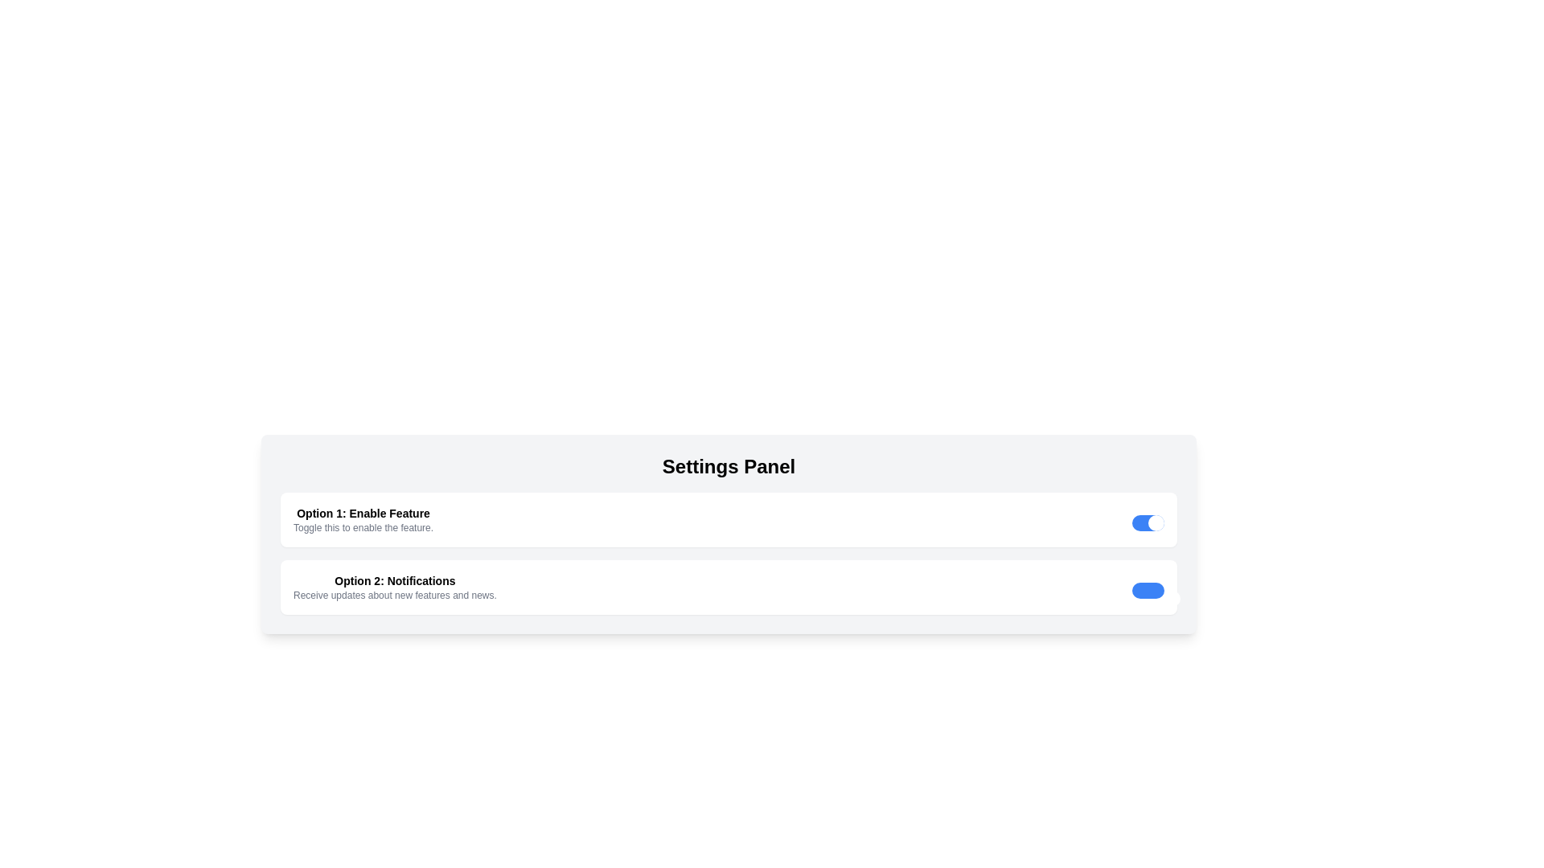  I want to click on the static text label that serves as the title for the notification settings, positioned below 'Option 1: Enable Feature', so click(395, 580).